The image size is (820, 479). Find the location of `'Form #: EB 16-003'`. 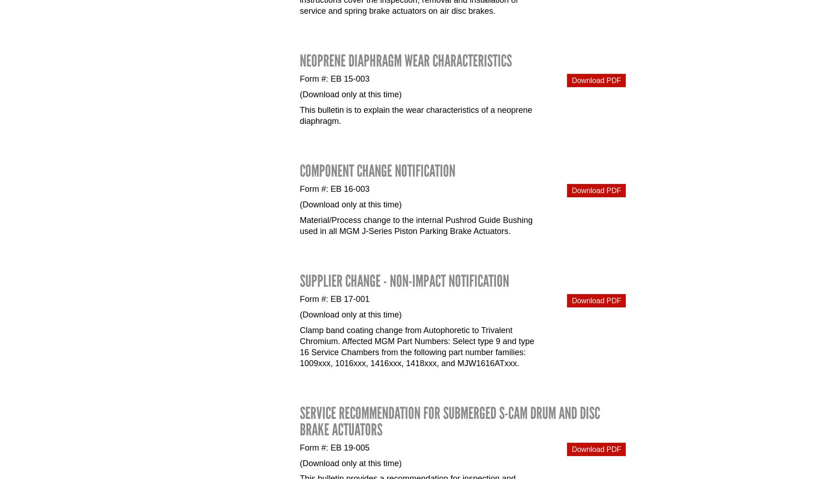

'Form #: EB 16-003' is located at coordinates (335, 188).